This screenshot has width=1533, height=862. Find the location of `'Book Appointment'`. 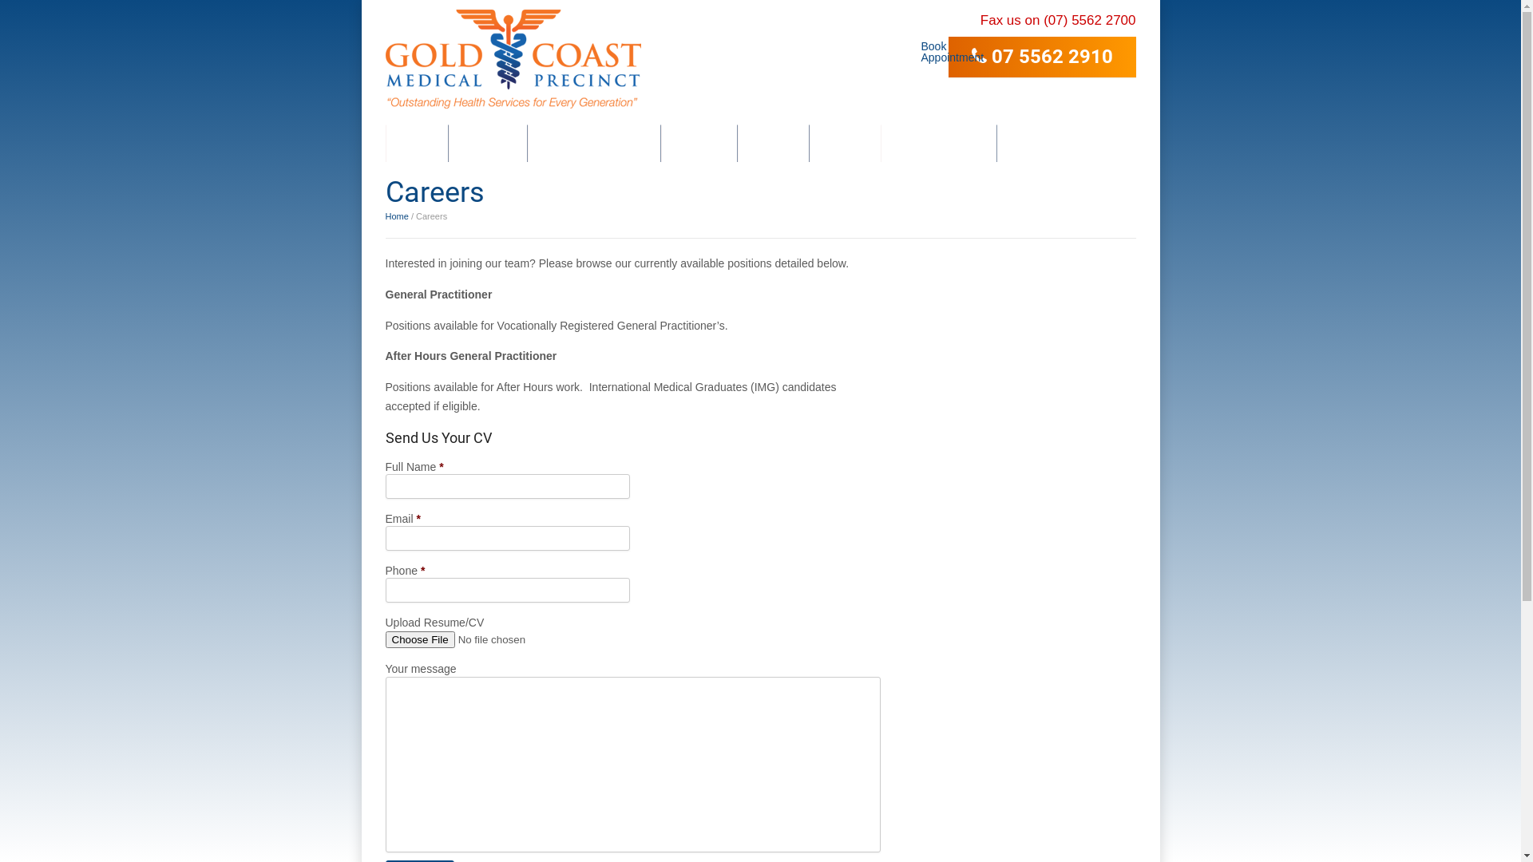

'Book Appointment' is located at coordinates (927, 45).